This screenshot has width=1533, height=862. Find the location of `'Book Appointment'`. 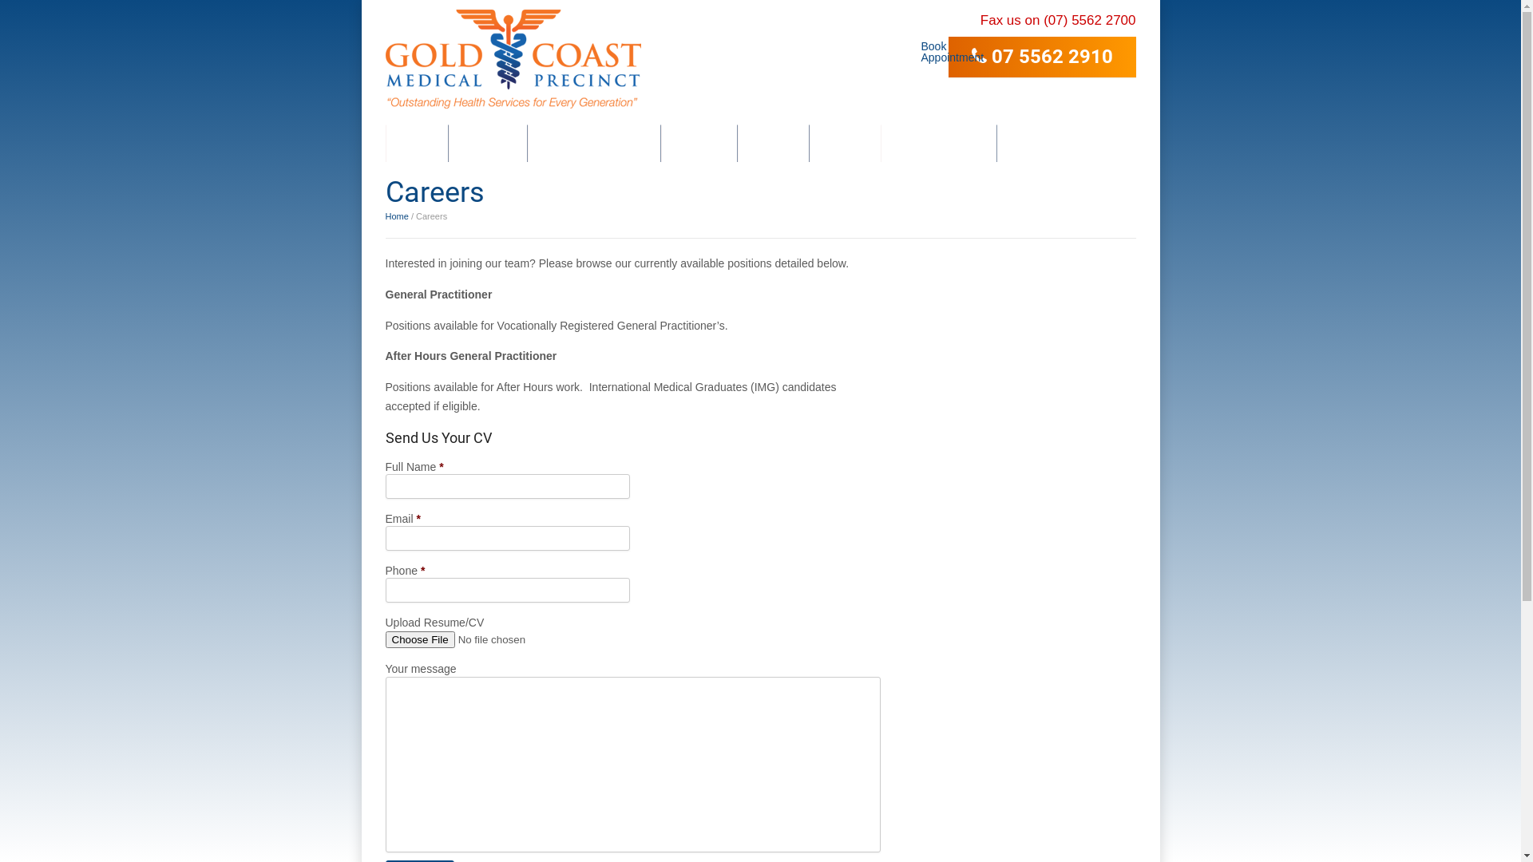

'Book Appointment' is located at coordinates (927, 45).